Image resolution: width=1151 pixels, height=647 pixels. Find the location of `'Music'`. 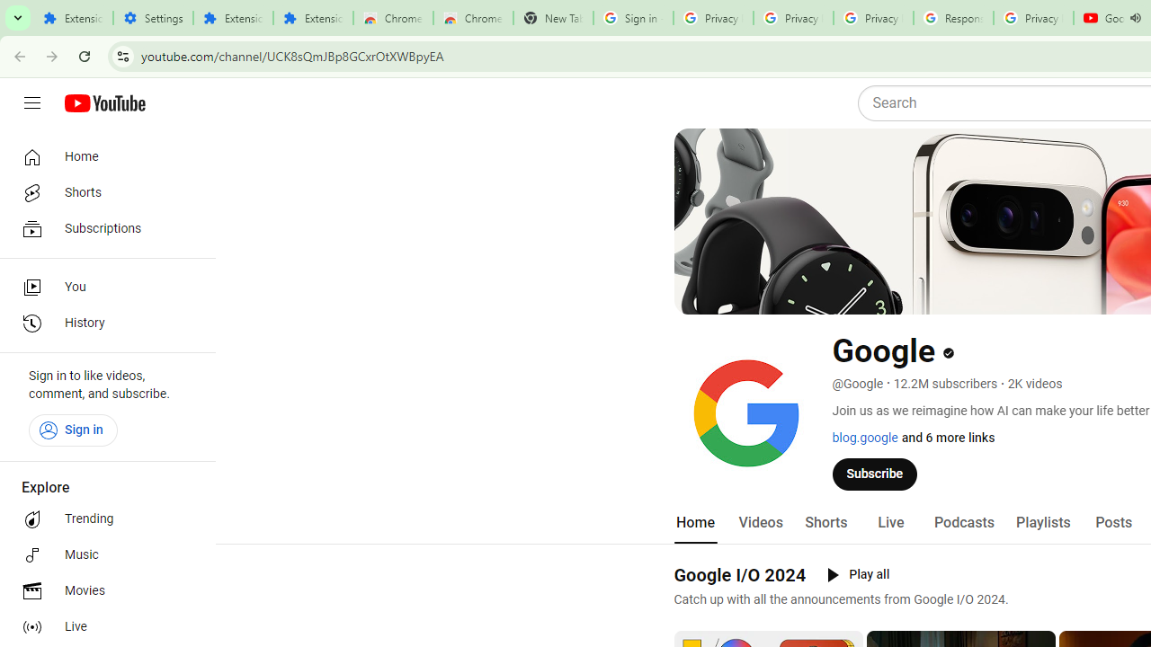

'Music' is located at coordinates (101, 554).